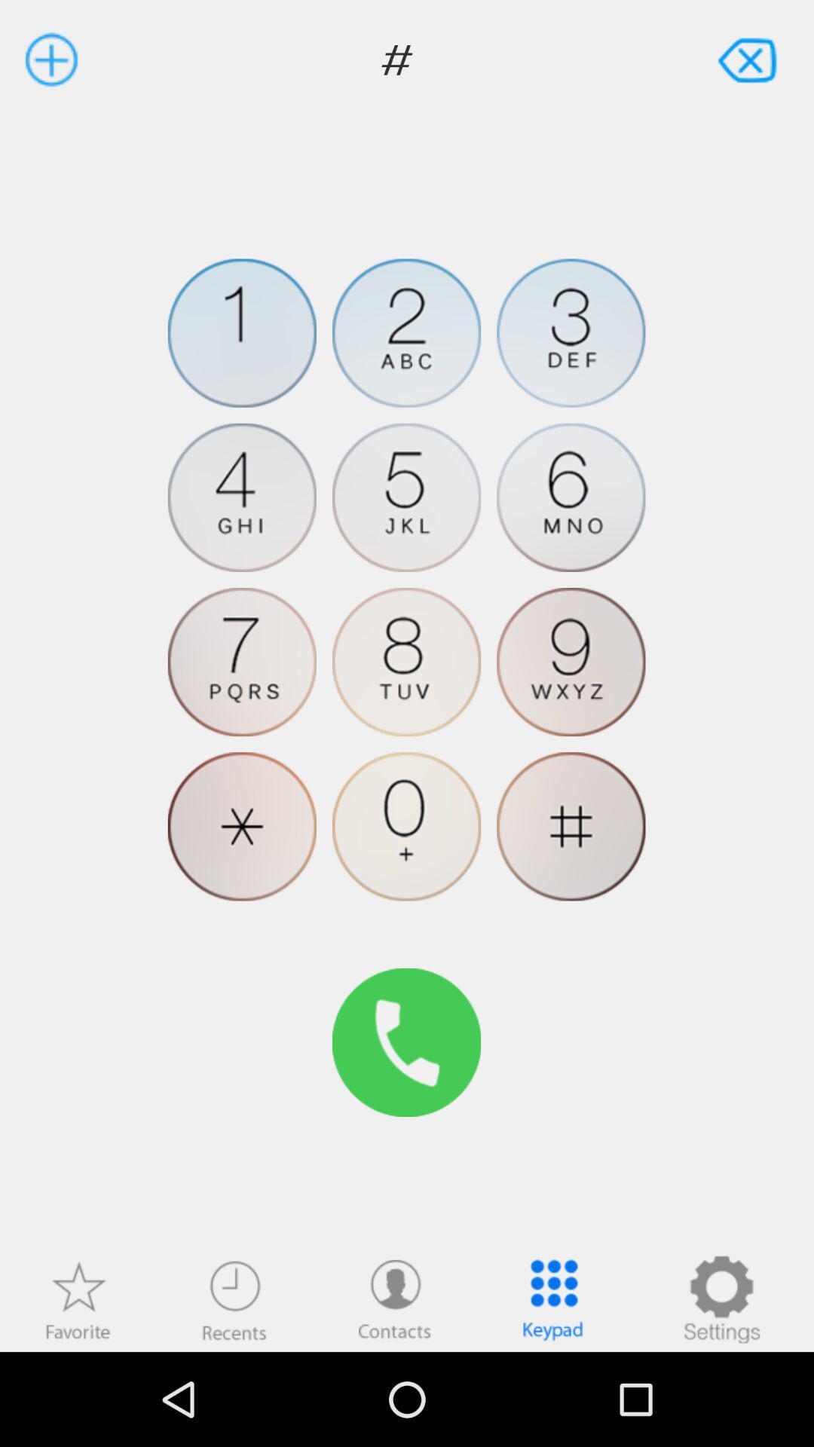 Image resolution: width=814 pixels, height=1447 pixels. I want to click on go back, so click(749, 59).